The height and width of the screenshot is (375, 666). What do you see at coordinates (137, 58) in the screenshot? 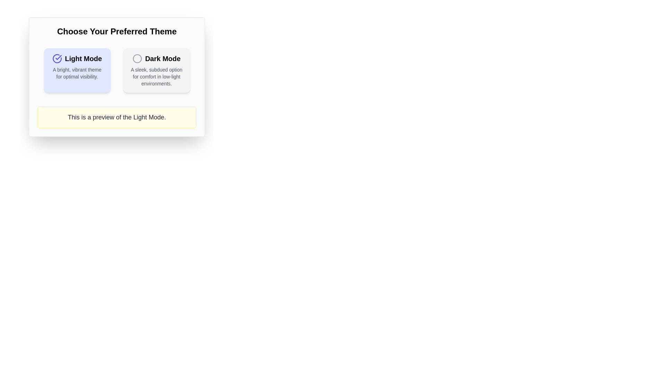
I see `the SVG Circle that represents the 'Dark Mode' option in the theme selection panel` at bounding box center [137, 58].